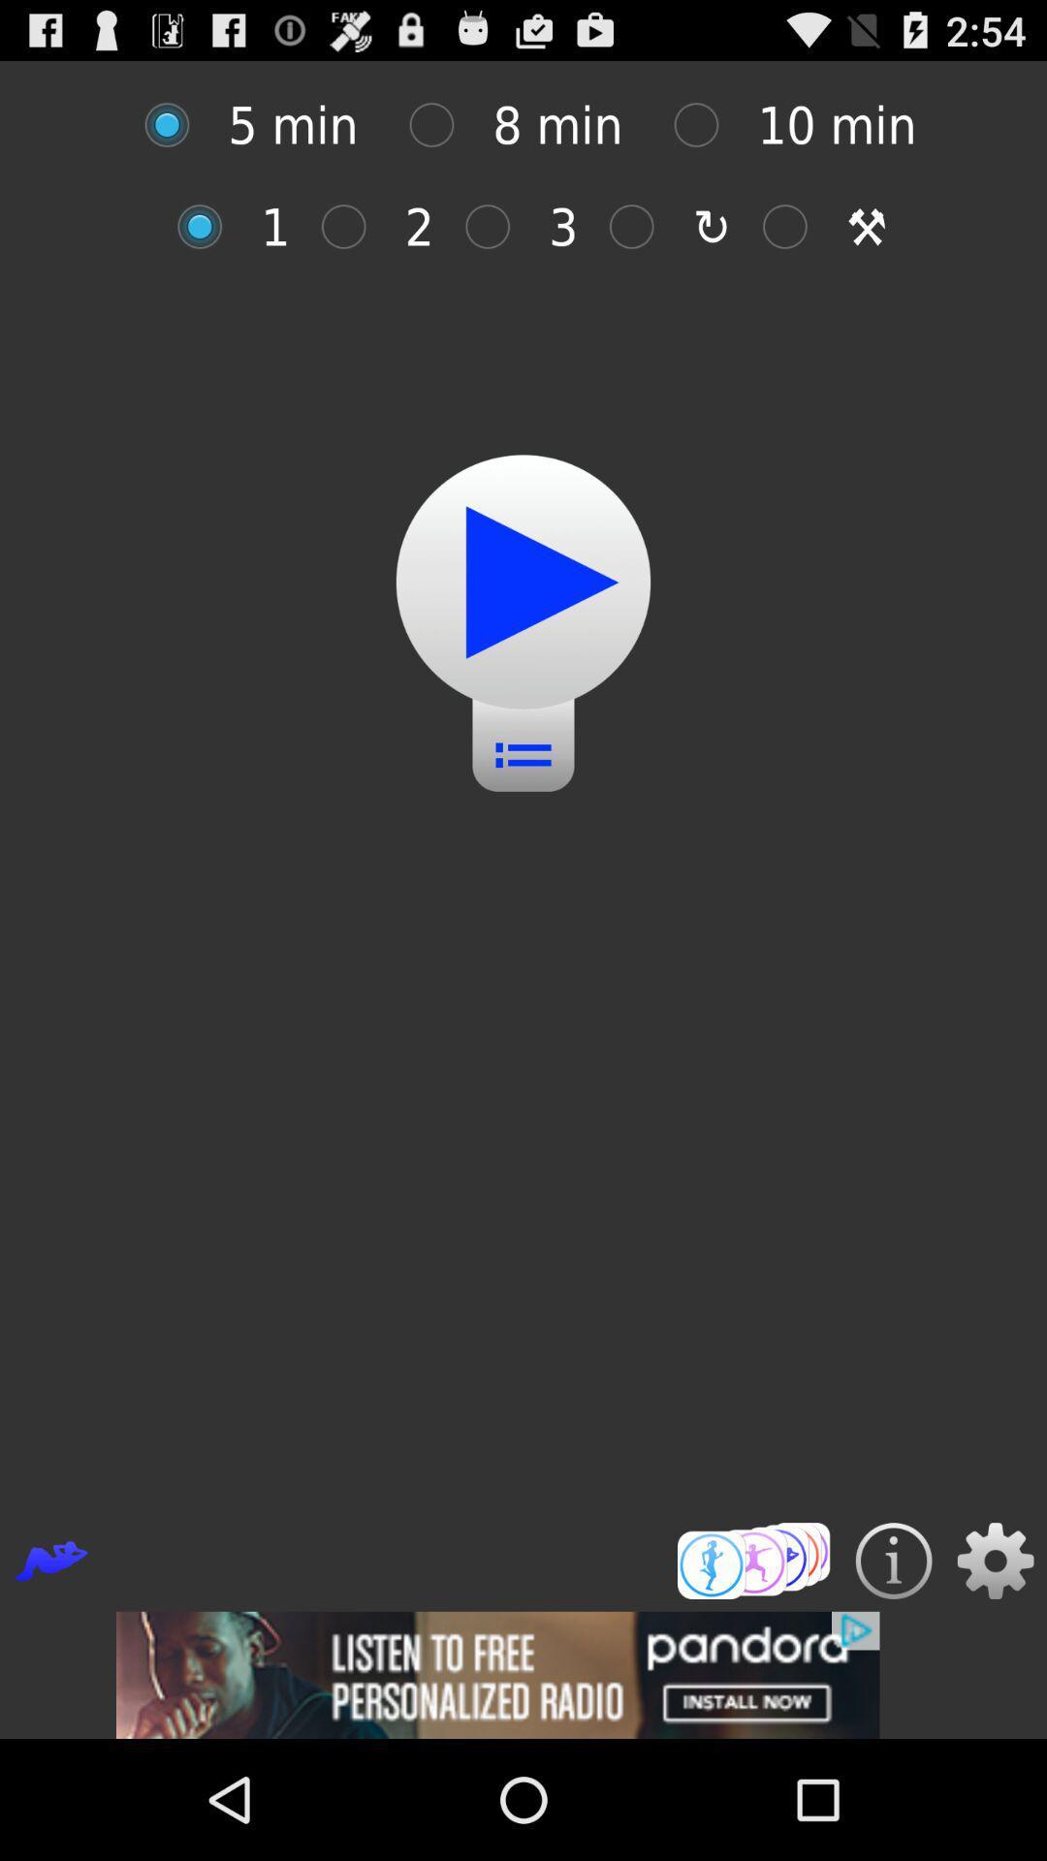 This screenshot has height=1861, width=1047. Describe the element at coordinates (209, 227) in the screenshot. I see `appsan` at that location.